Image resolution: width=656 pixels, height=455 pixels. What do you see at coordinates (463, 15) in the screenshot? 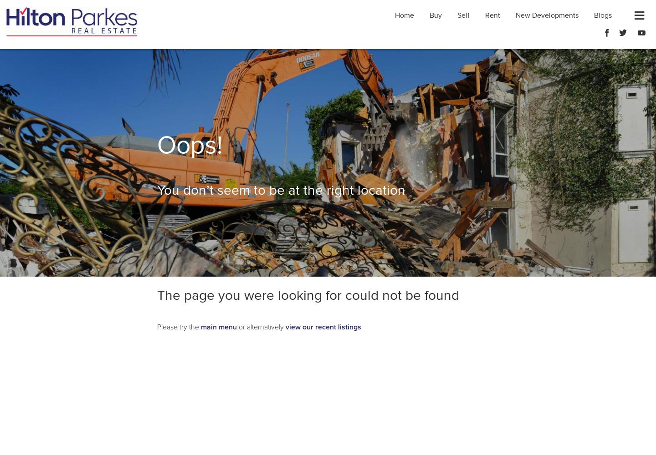
I see `'Sell'` at bounding box center [463, 15].